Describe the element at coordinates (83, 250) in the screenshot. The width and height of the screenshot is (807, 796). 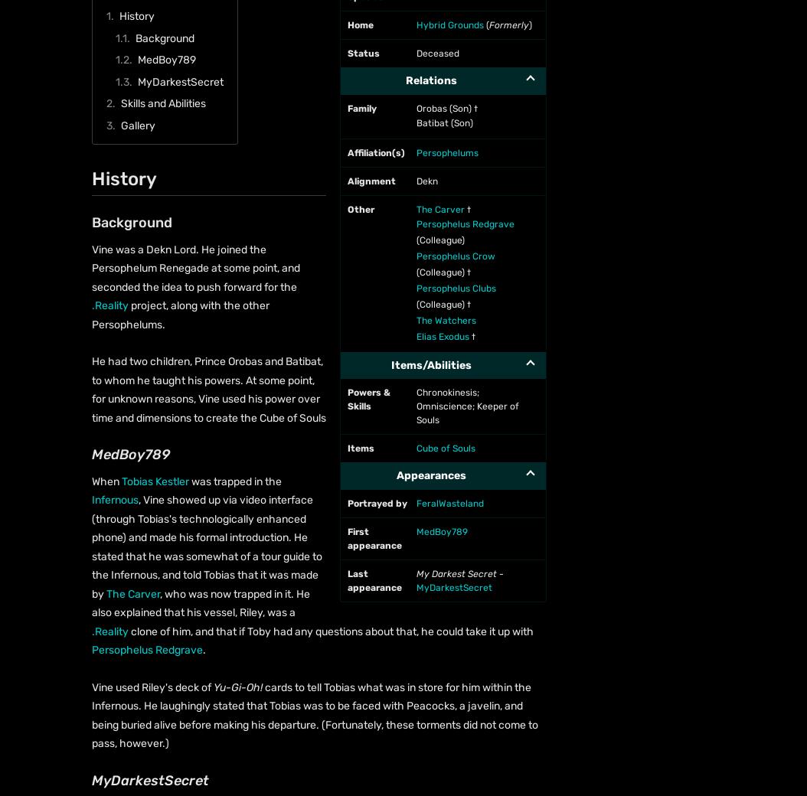
I see `'Careers'` at that location.